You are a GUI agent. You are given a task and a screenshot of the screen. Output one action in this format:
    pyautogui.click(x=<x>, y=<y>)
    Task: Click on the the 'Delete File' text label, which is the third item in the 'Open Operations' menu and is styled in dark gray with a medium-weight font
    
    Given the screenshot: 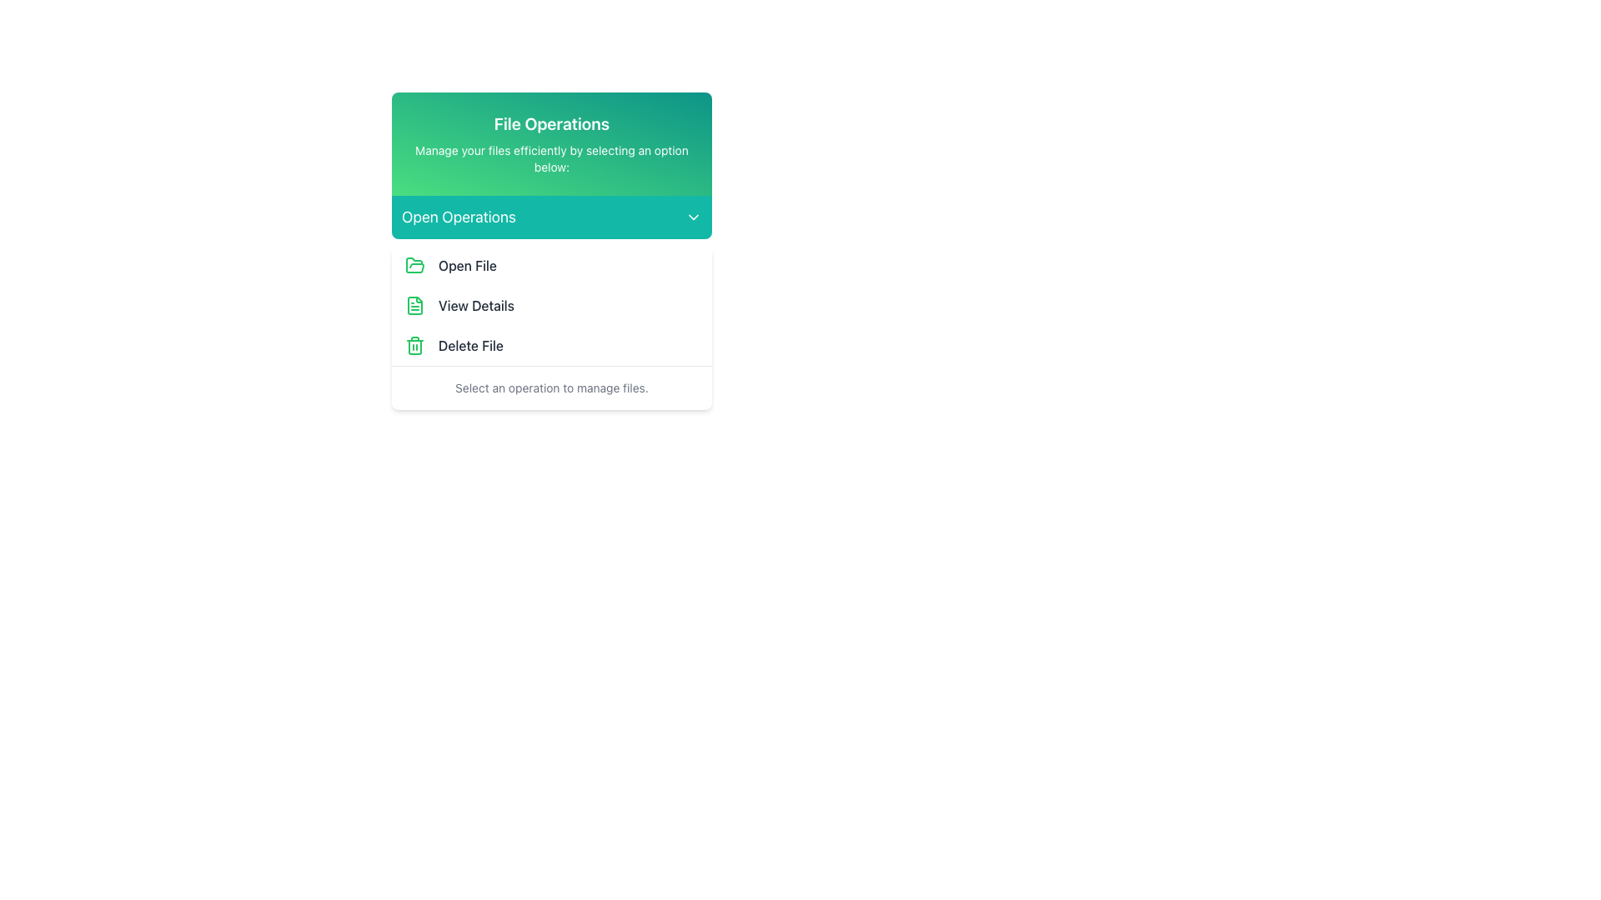 What is the action you would take?
    pyautogui.click(x=469, y=345)
    